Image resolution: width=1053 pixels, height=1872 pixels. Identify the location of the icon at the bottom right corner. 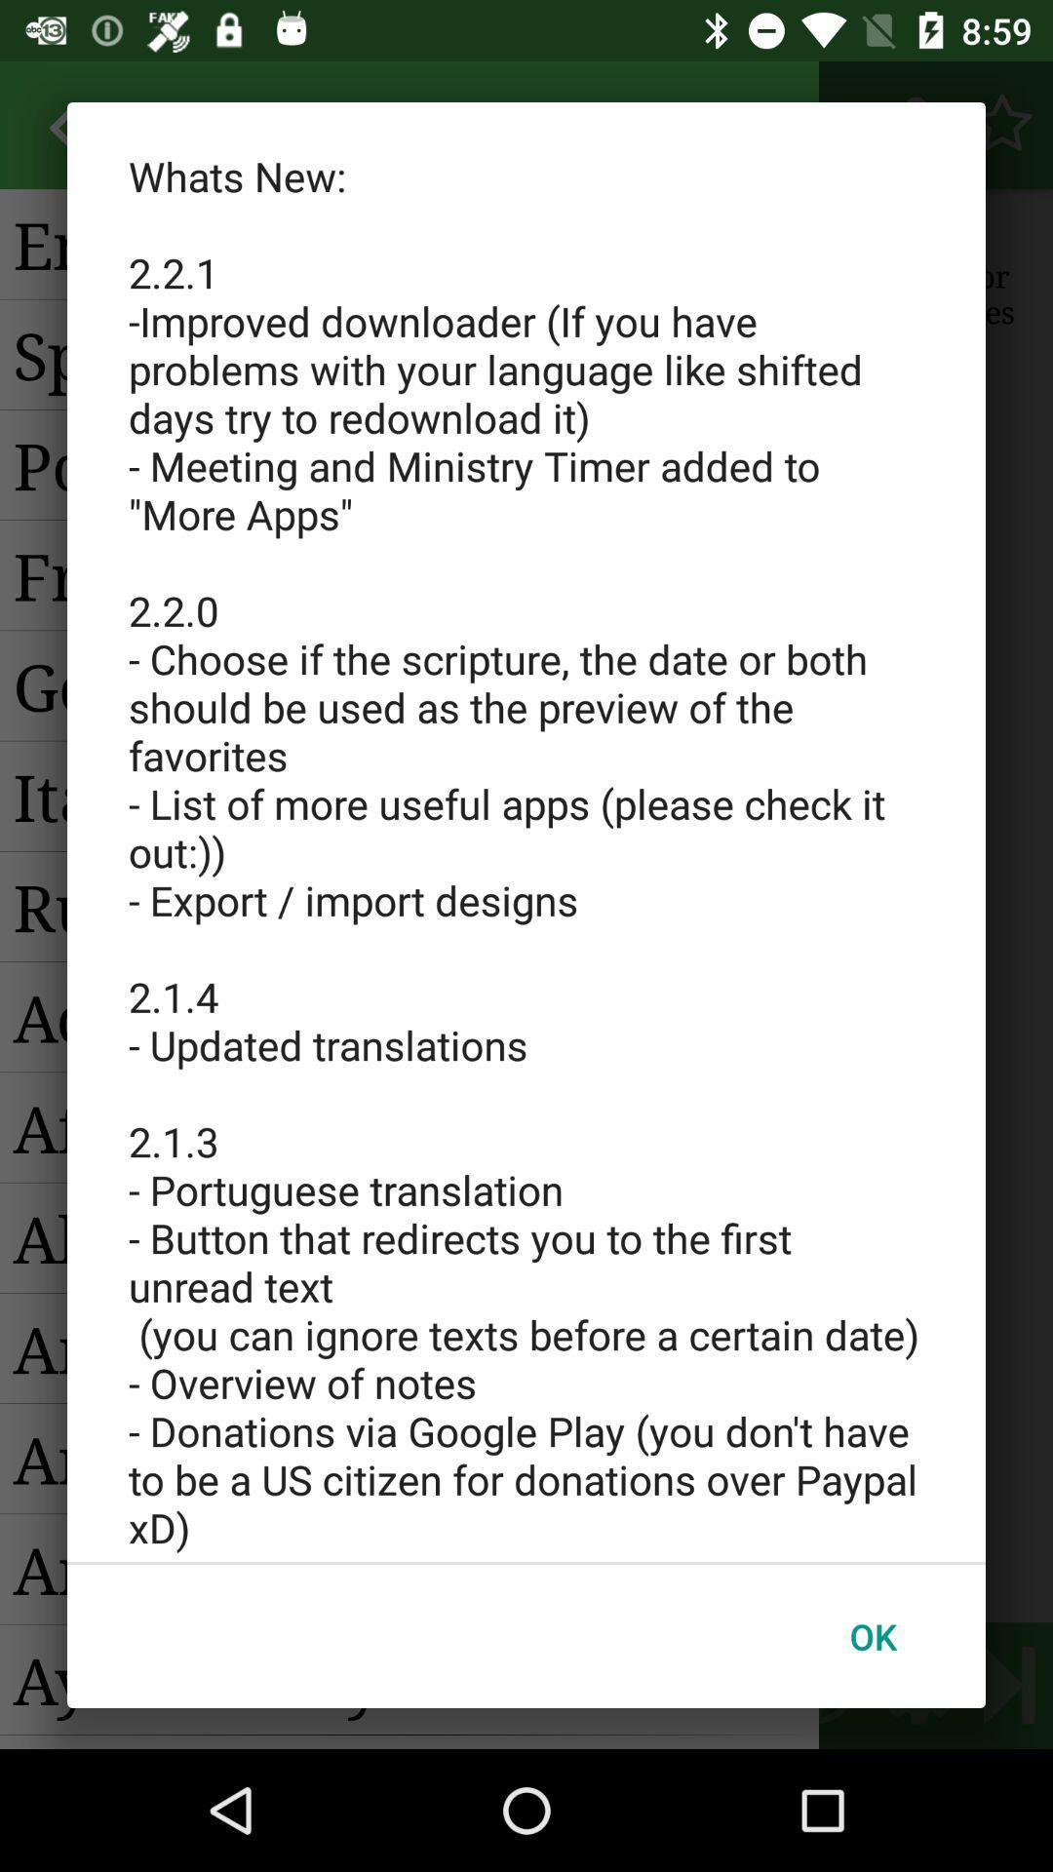
(872, 1636).